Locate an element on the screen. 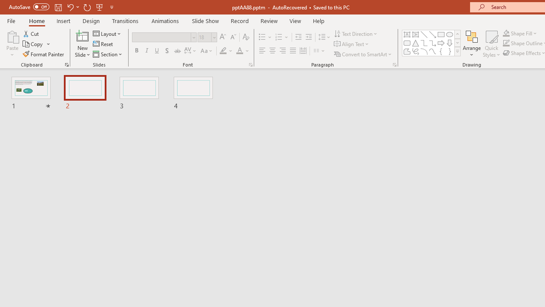 The image size is (545, 307). 'Shape Fill Aqua, Accent 2' is located at coordinates (506, 33).